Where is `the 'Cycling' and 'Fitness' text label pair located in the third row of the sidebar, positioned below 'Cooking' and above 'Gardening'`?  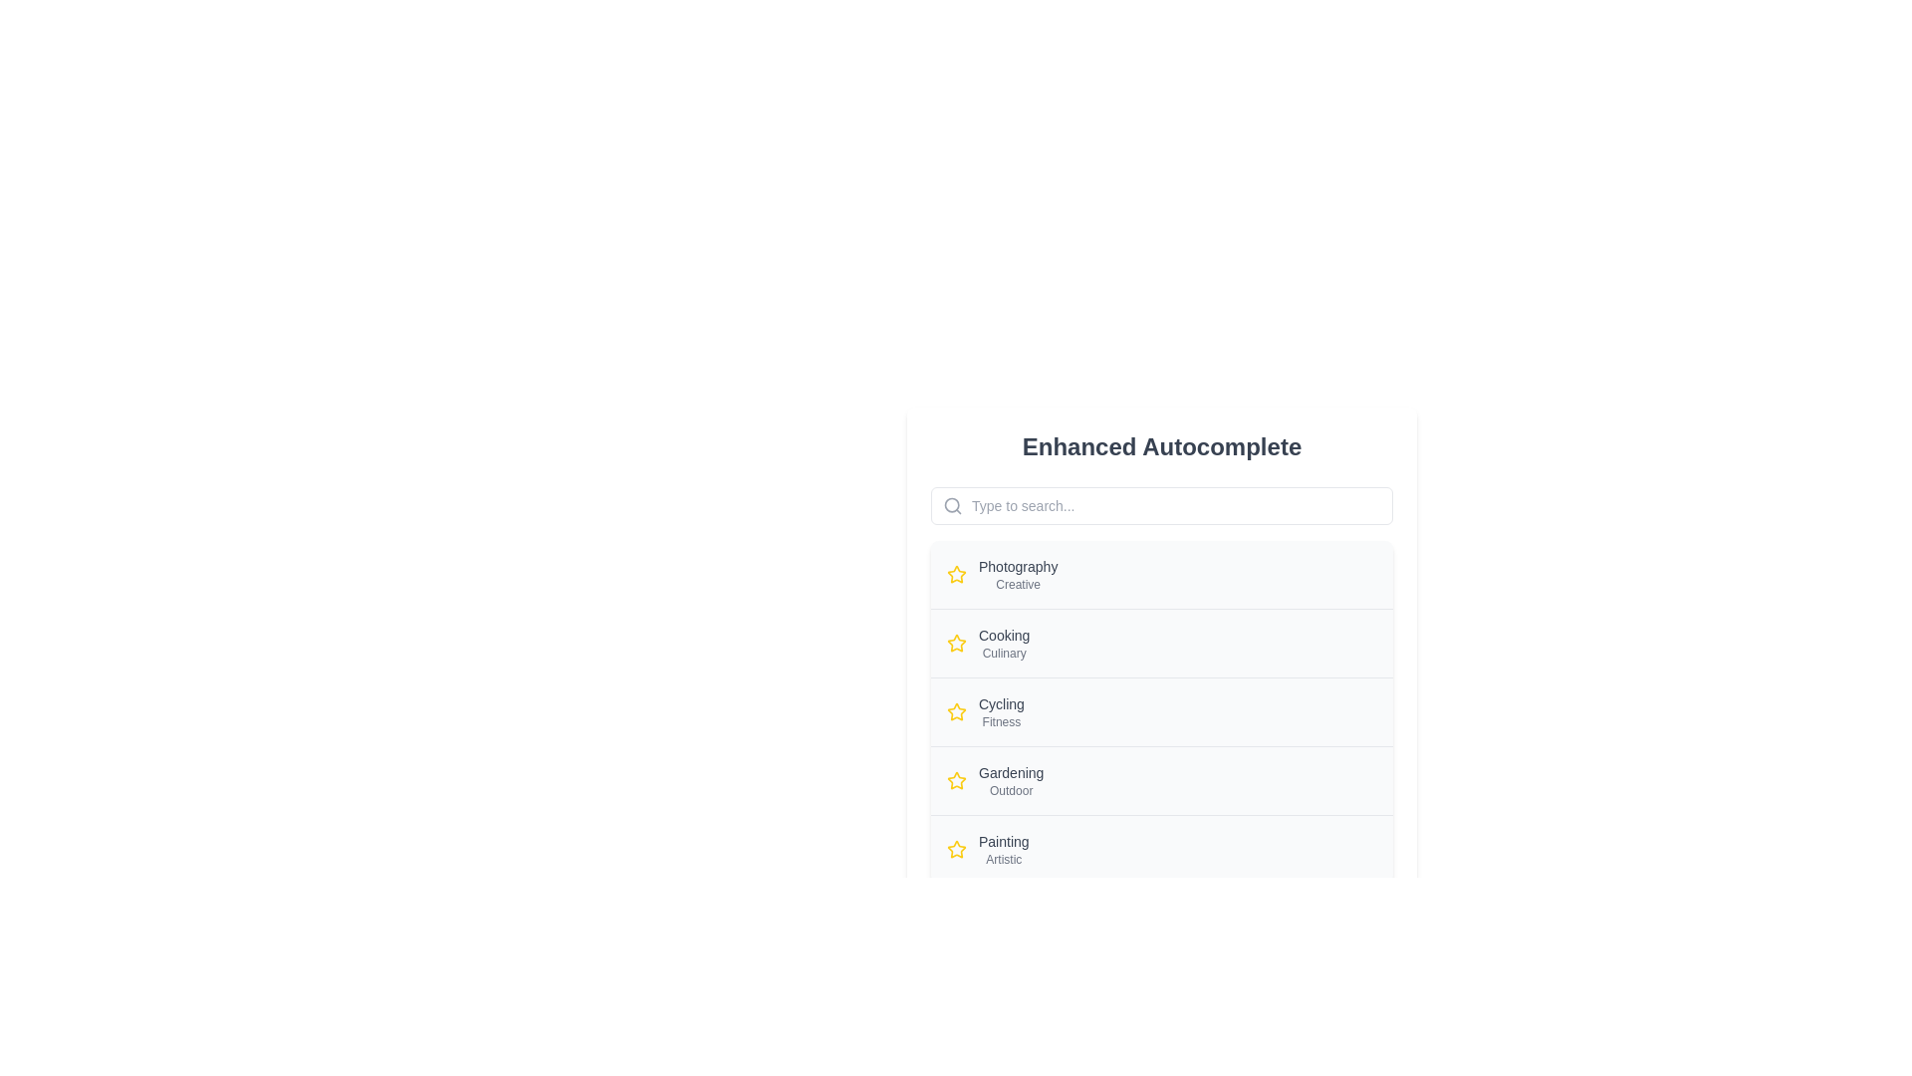
the 'Cycling' and 'Fitness' text label pair located in the third row of the sidebar, positioned below 'Cooking' and above 'Gardening' is located at coordinates (1001, 710).